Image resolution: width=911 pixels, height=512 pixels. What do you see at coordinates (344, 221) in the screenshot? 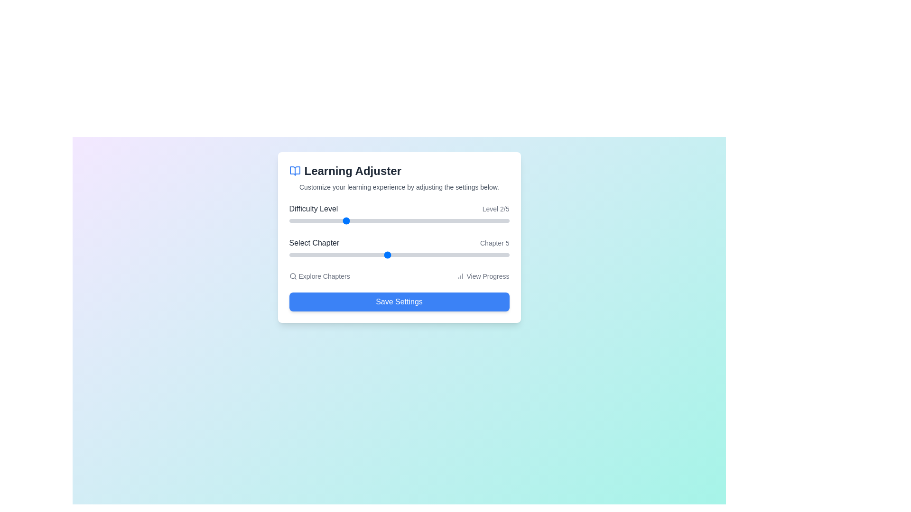
I see `the difficulty level` at bounding box center [344, 221].